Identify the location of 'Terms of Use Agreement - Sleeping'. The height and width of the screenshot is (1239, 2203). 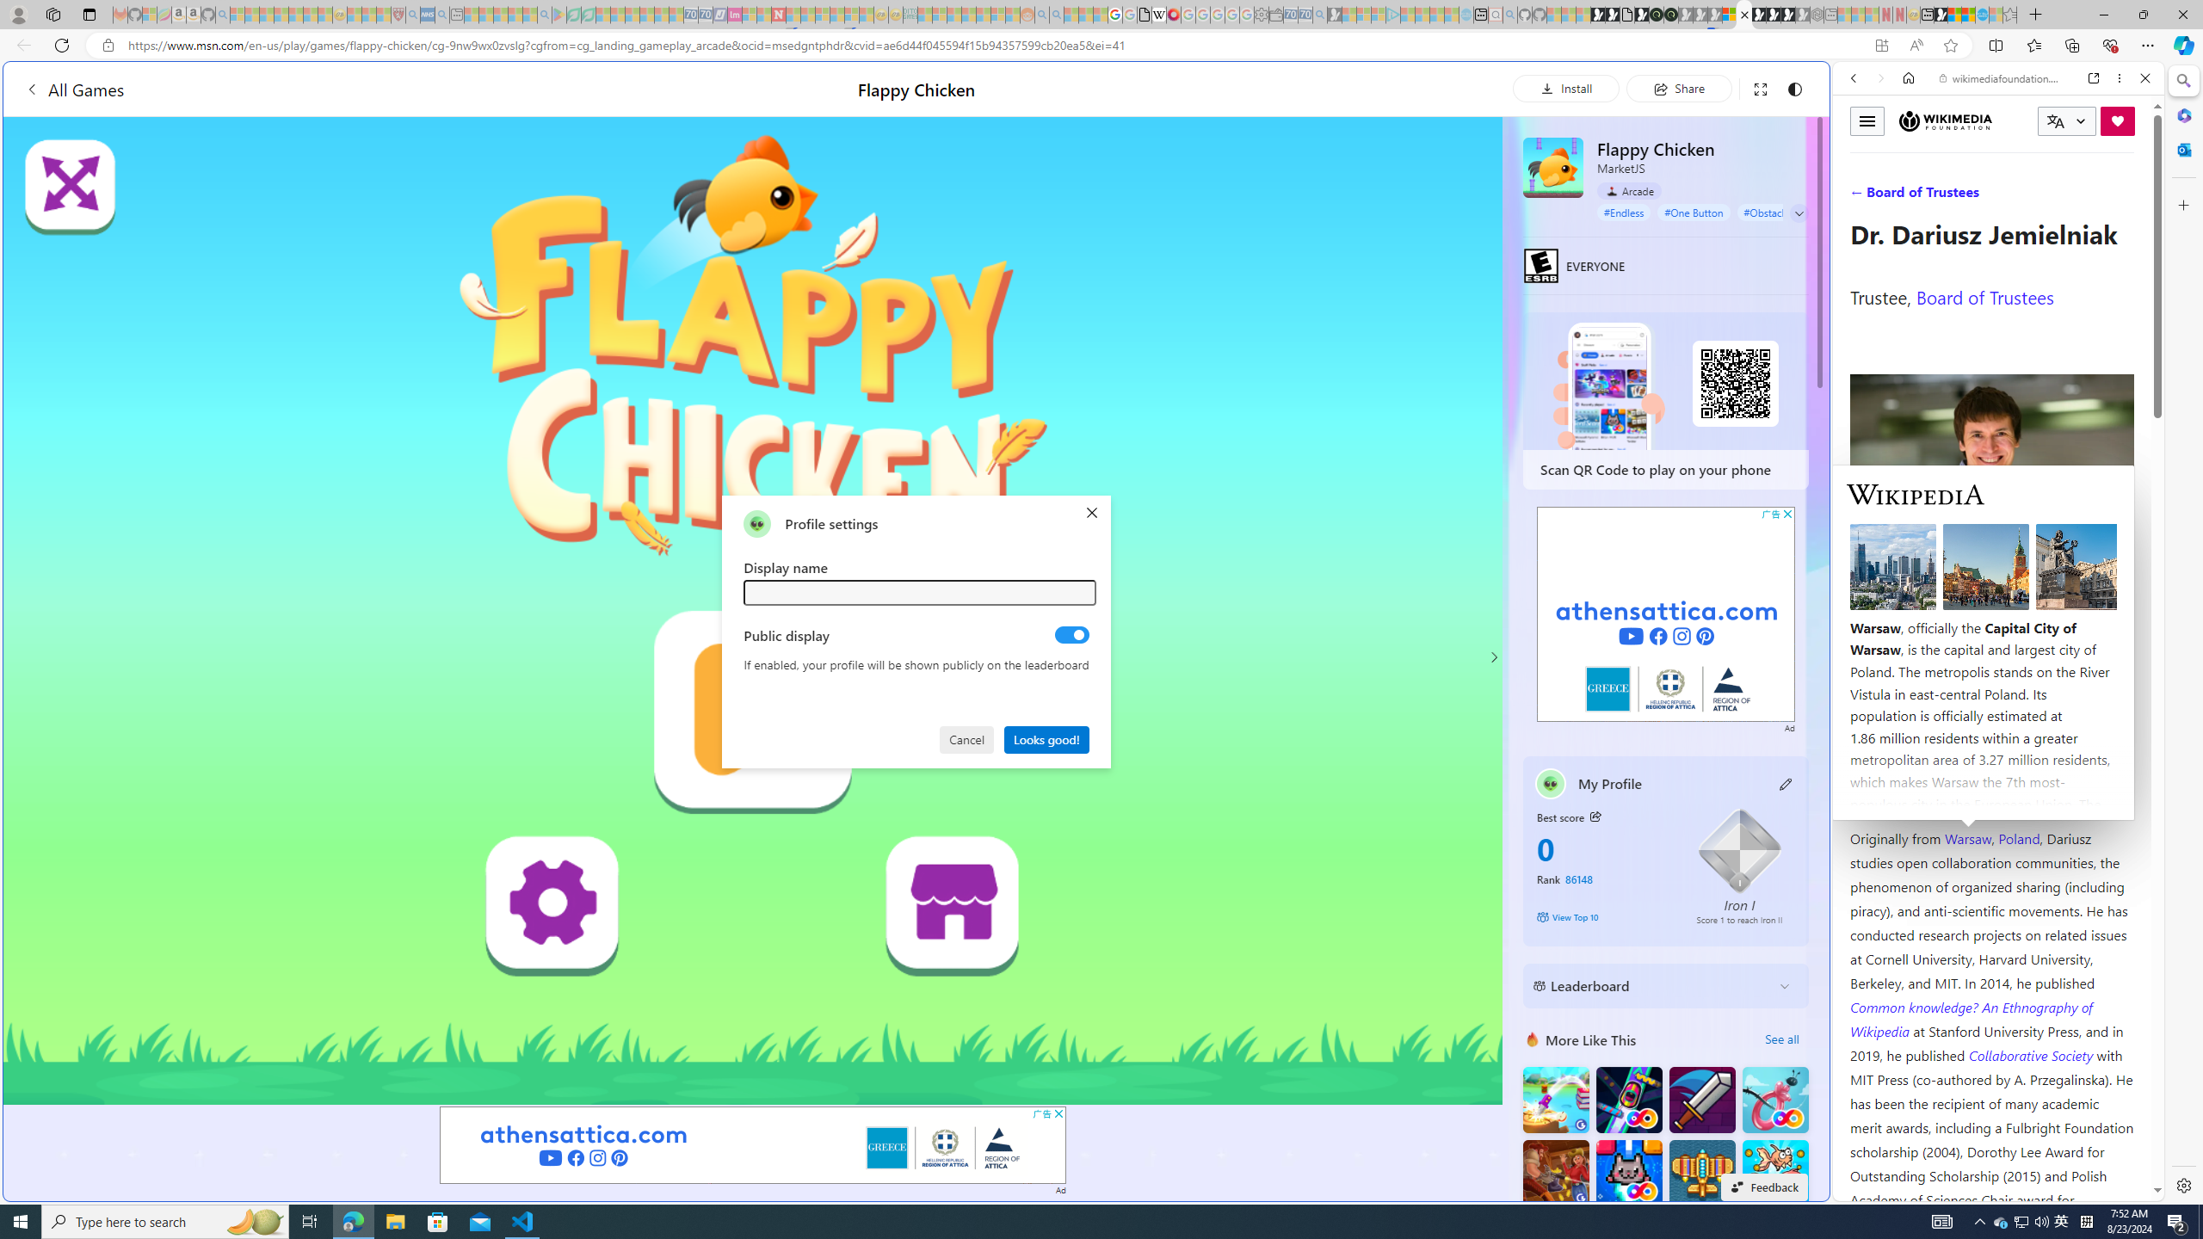
(572, 14).